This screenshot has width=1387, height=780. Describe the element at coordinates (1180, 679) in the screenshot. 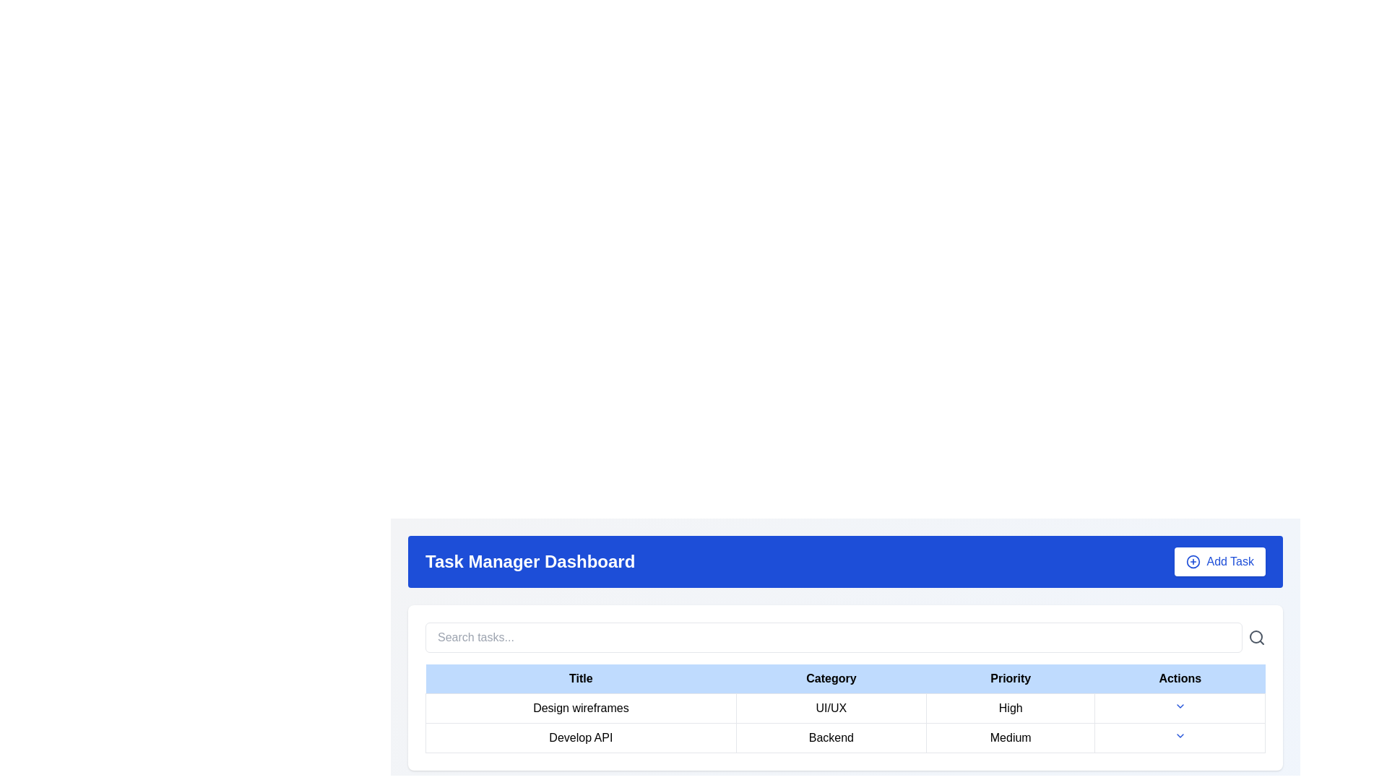

I see `the 'Actions' table header cell, which is the fourth column in the table header, indicating controls for task rows` at that location.